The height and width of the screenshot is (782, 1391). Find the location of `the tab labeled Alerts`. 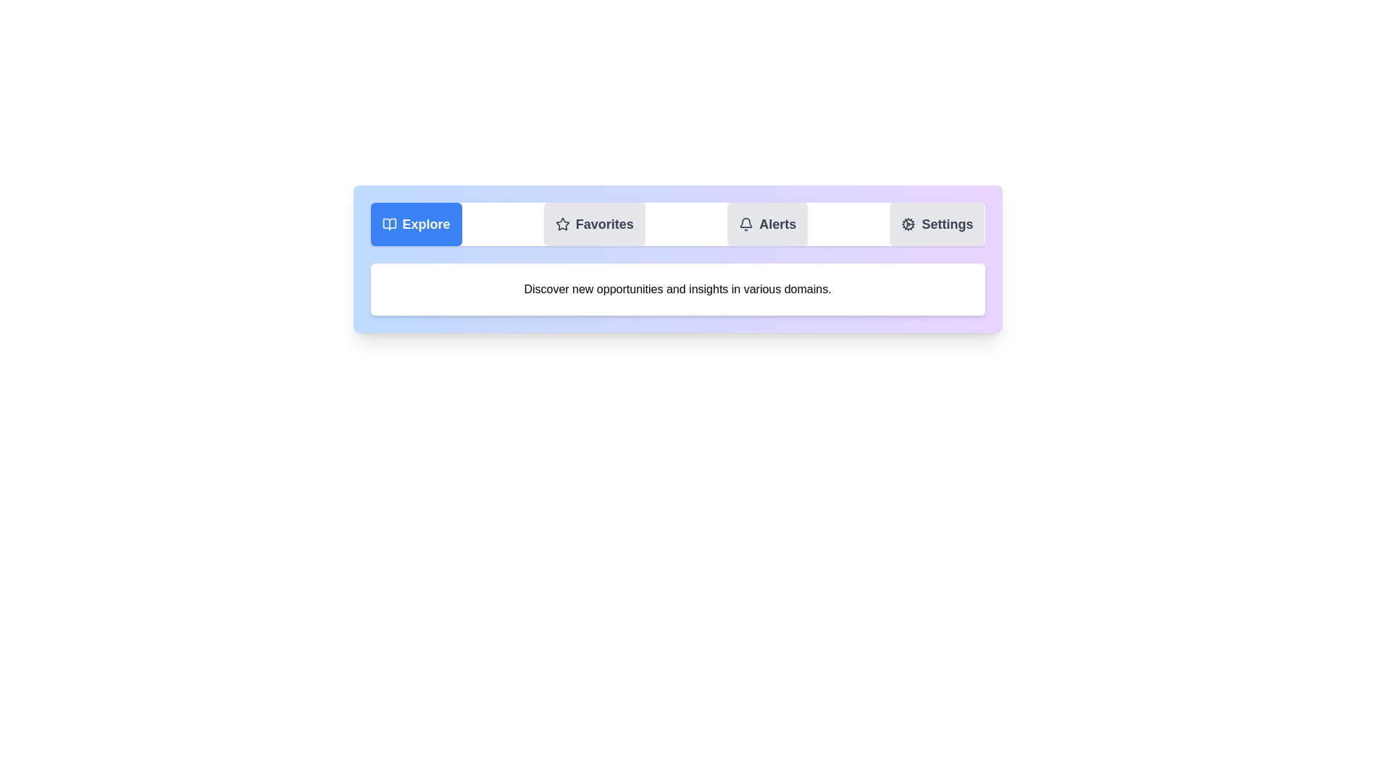

the tab labeled Alerts is located at coordinates (766, 224).